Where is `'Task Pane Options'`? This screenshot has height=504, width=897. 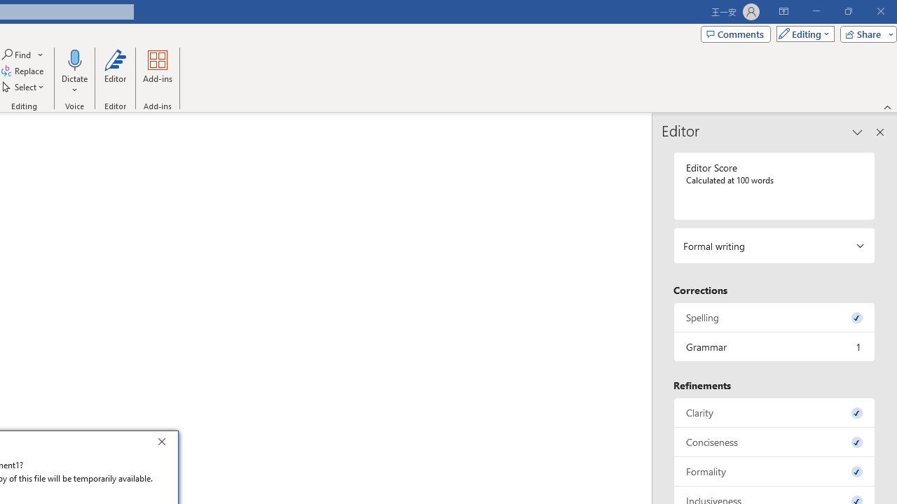
'Task Pane Options' is located at coordinates (857, 132).